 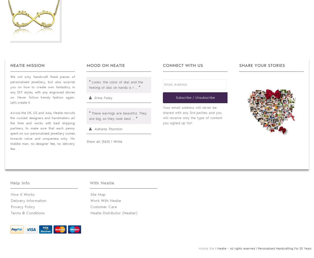 What do you see at coordinates (190, 183) in the screenshot?
I see `'Public Relation'` at bounding box center [190, 183].